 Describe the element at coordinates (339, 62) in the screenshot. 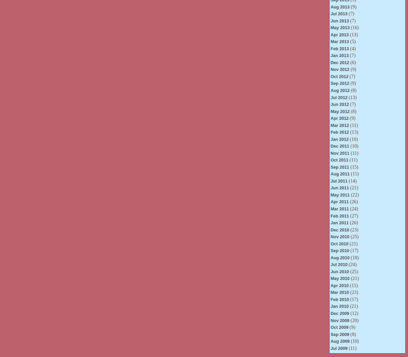

I see `'Dec 2012'` at that location.